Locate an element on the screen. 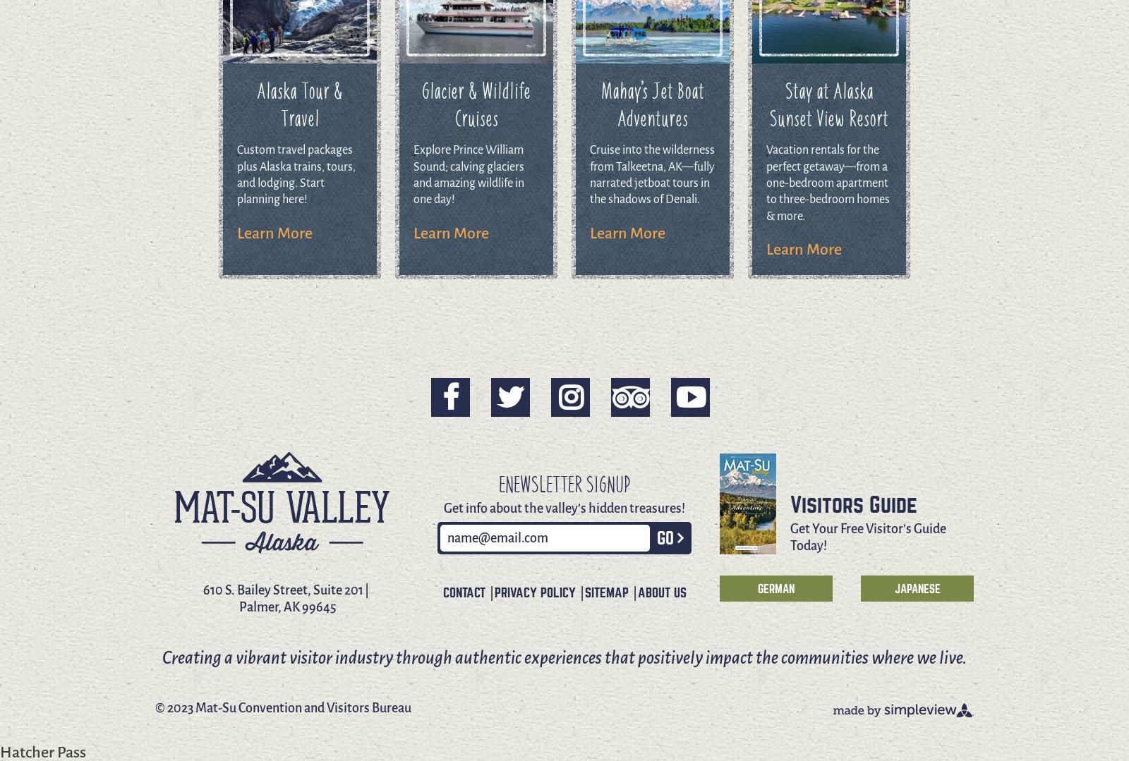  'Creating a vibrant visitor industry through authentic experiences that positively impact the communities where we live.' is located at coordinates (564, 657).